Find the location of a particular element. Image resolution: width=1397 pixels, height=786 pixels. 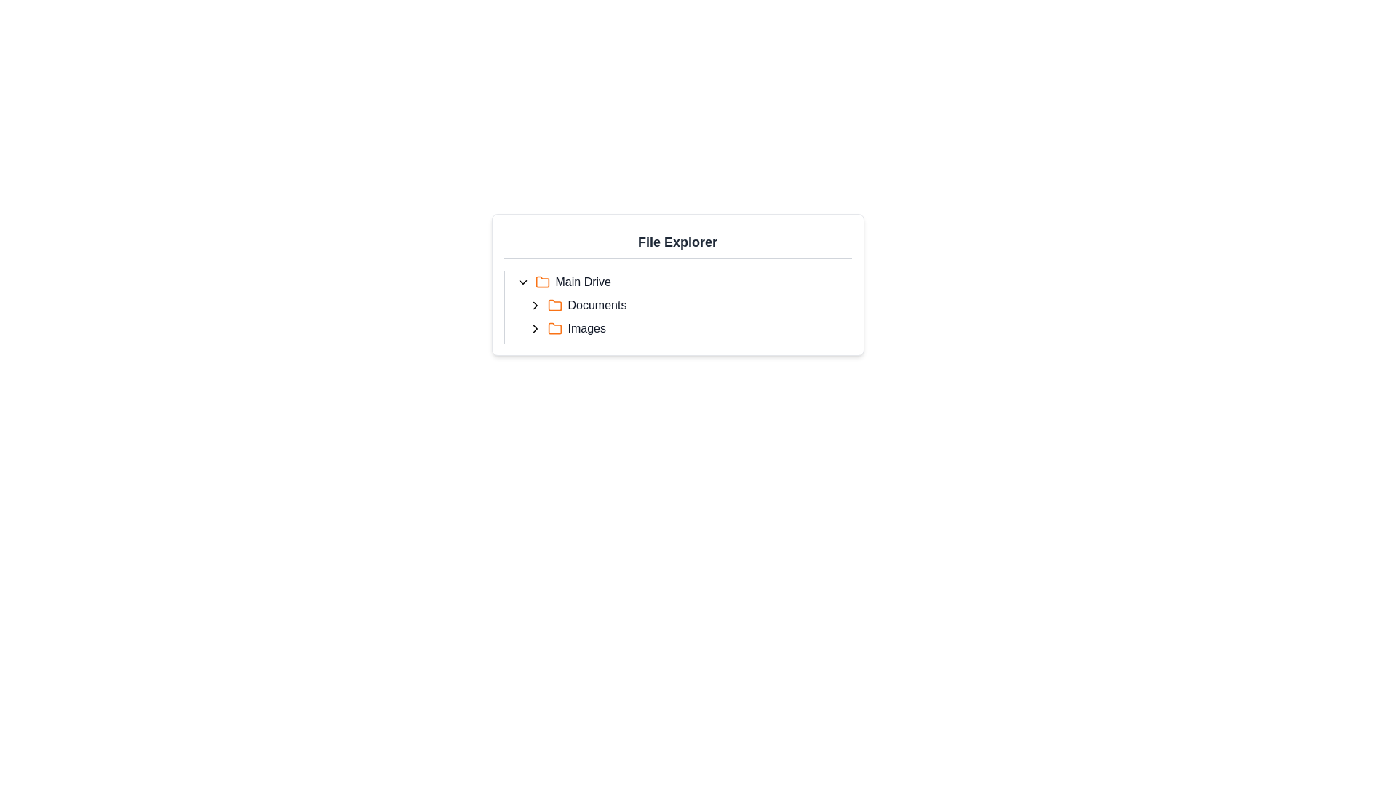

the 'Documents' item is located at coordinates (677, 306).